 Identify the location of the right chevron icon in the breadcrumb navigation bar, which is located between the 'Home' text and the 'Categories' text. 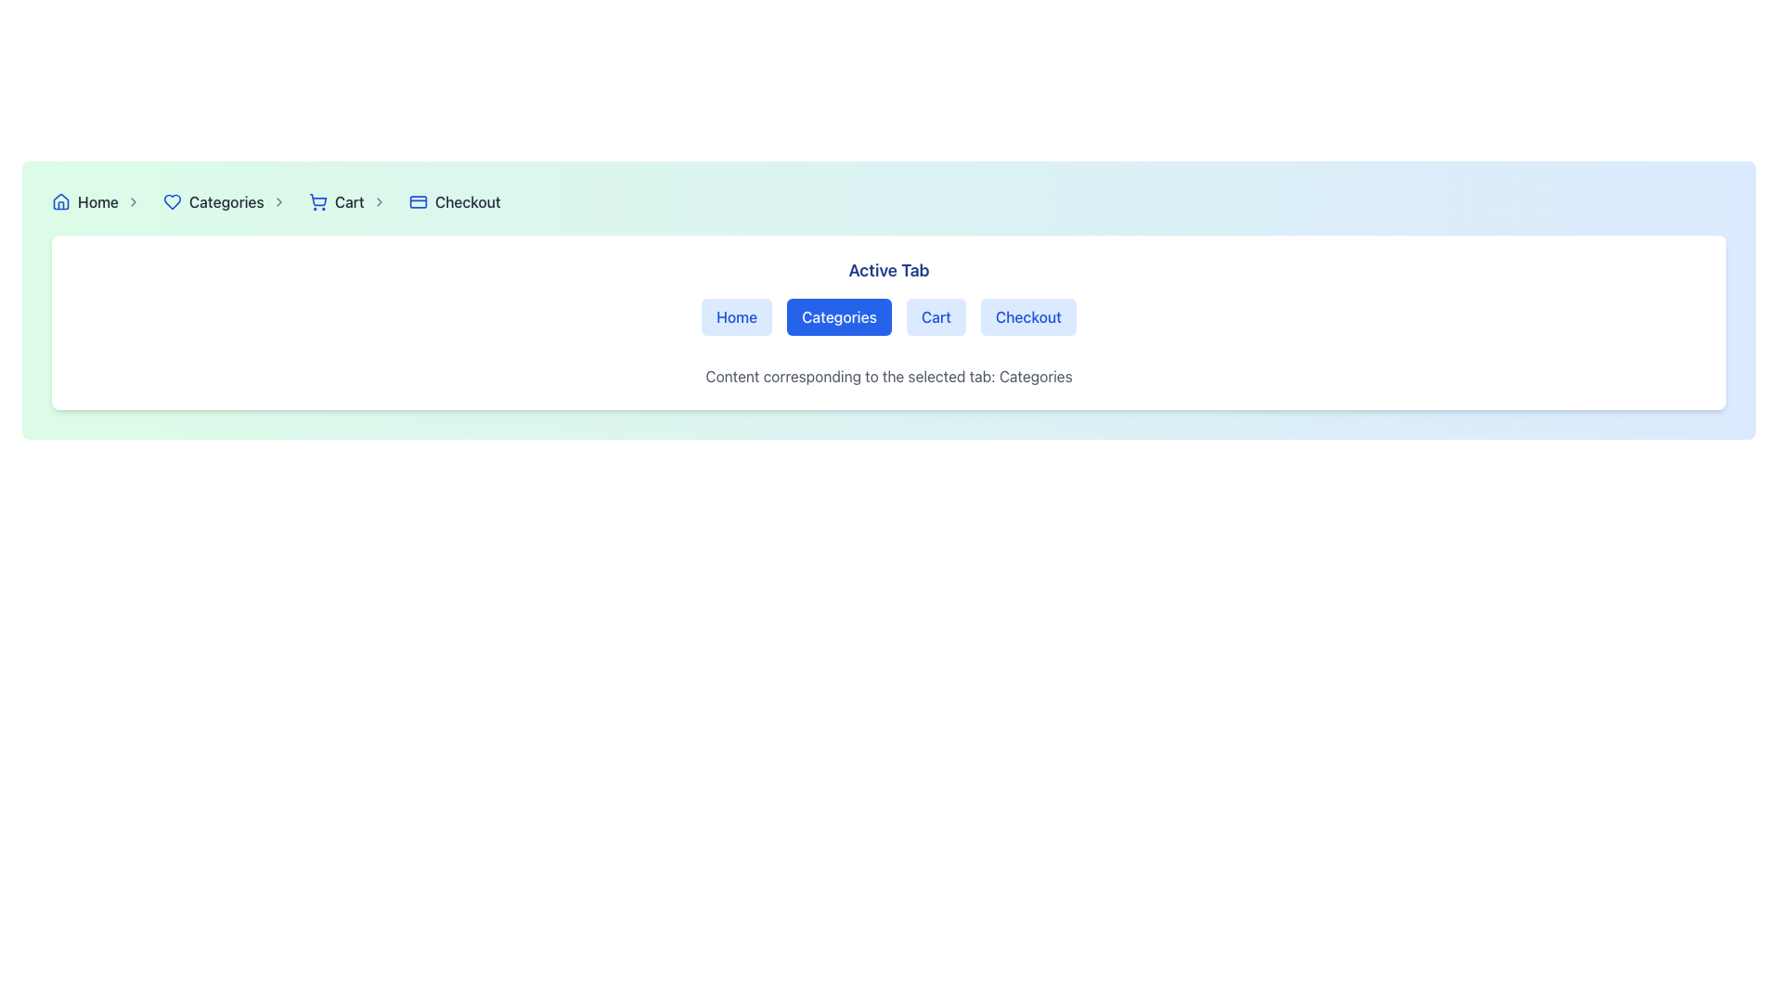
(133, 202).